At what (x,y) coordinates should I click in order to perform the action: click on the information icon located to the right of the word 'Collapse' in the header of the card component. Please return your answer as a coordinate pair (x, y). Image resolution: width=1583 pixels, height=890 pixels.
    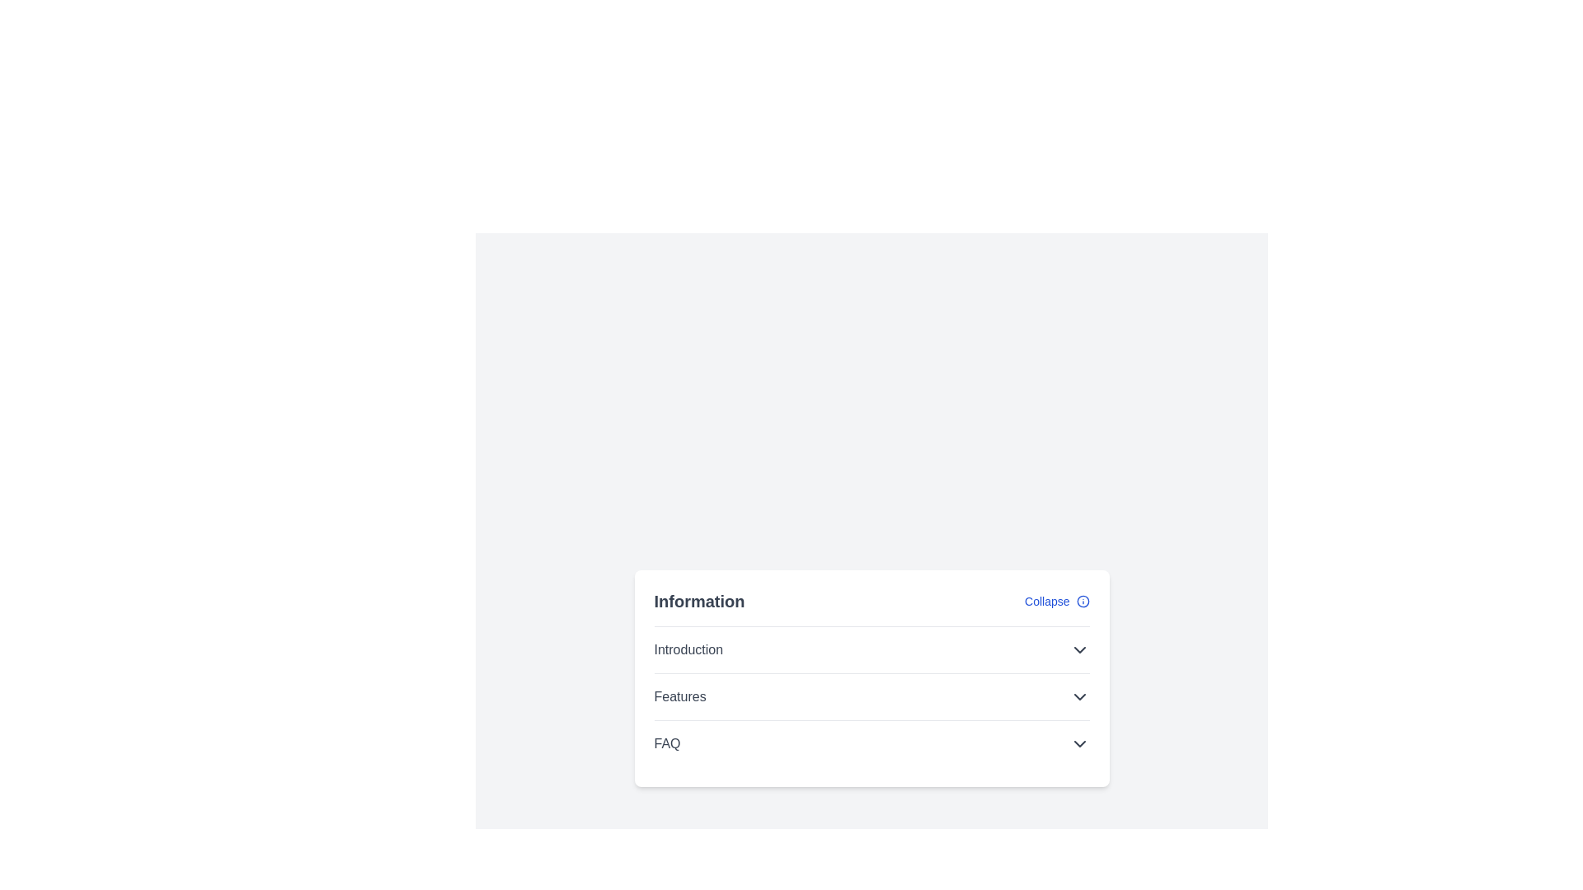
    Looking at the image, I should click on (1083, 601).